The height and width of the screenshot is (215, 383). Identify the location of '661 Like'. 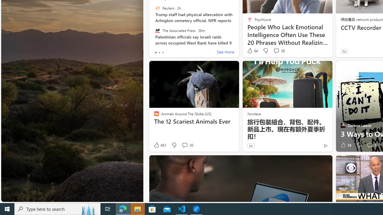
(160, 145).